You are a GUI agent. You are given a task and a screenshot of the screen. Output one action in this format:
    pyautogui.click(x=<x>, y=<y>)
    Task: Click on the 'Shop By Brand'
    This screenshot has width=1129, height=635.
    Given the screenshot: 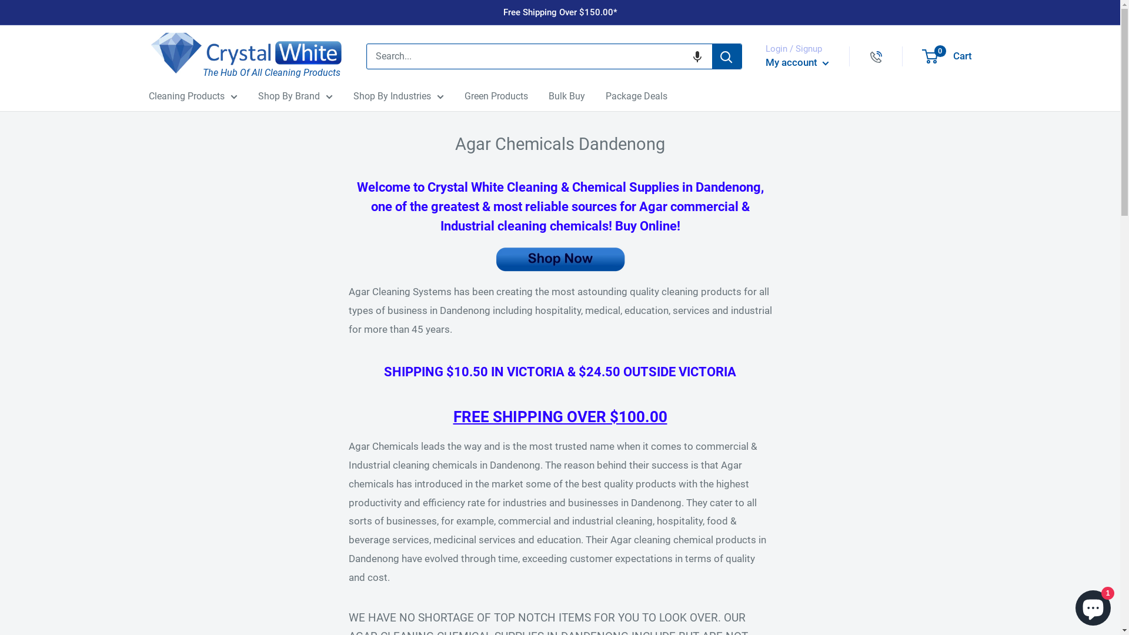 What is the action you would take?
    pyautogui.click(x=256, y=96)
    